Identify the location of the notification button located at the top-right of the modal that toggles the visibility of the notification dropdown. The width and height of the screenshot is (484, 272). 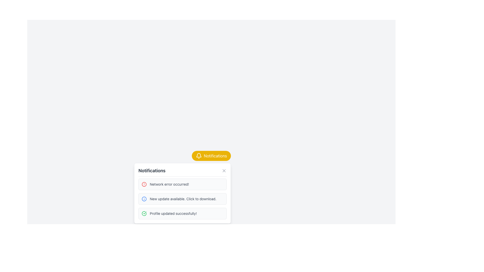
(211, 155).